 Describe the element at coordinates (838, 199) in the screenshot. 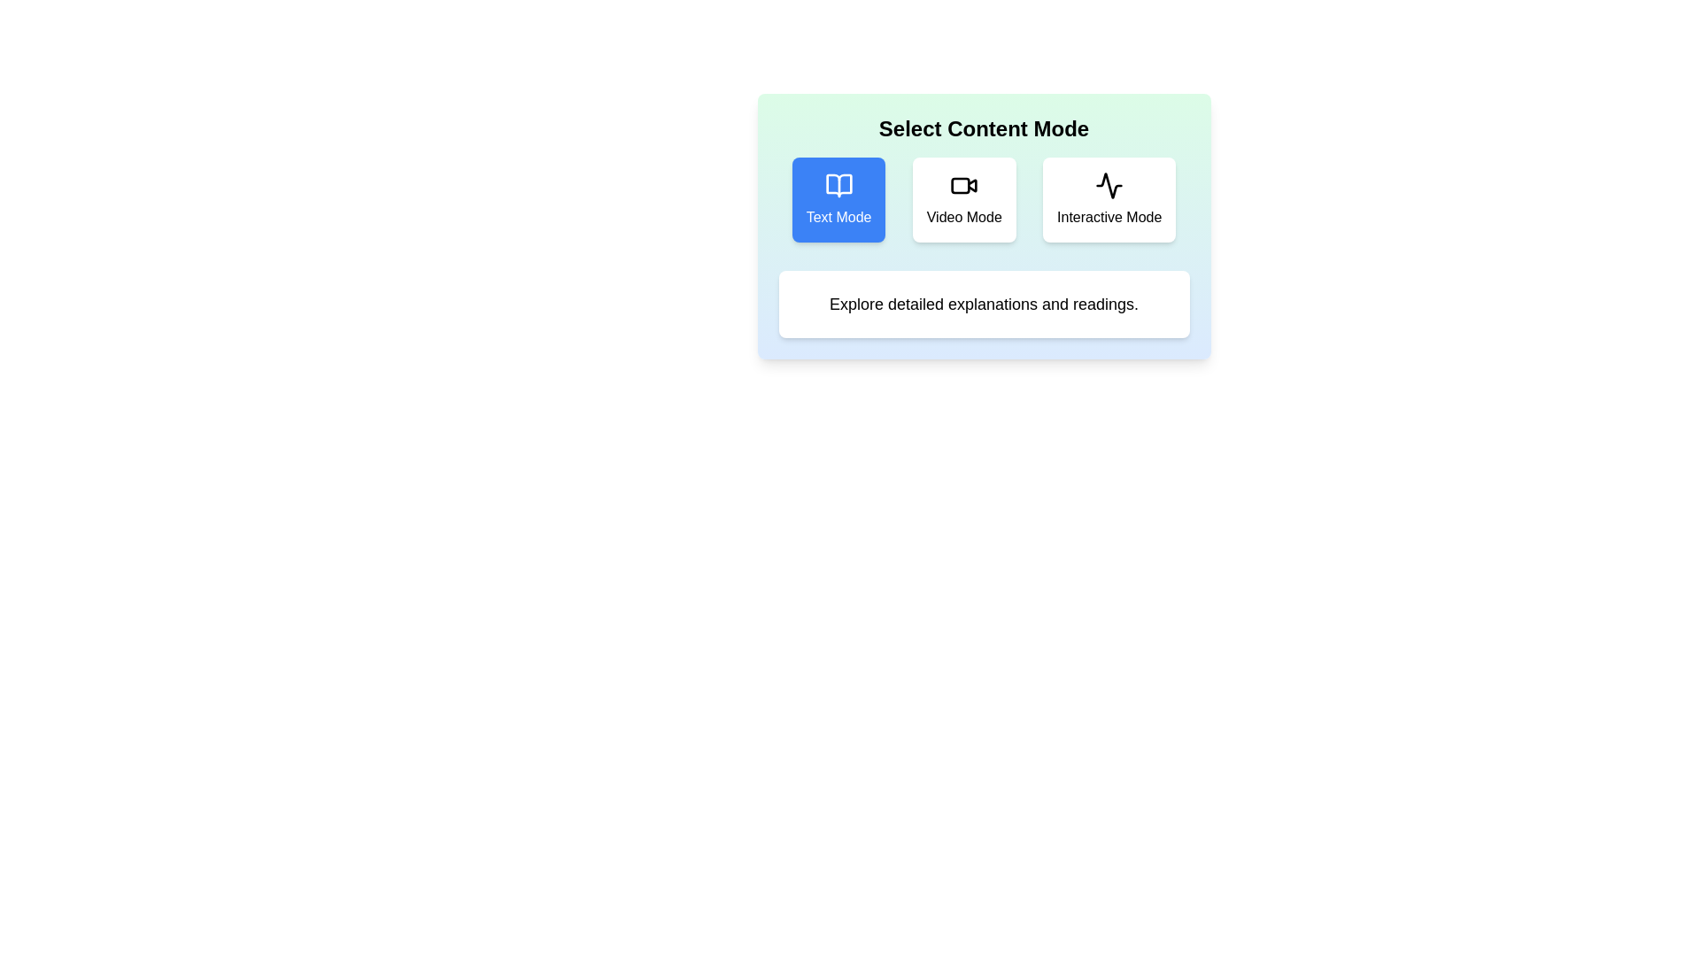

I see `the Text Mode button to see its hover effect` at that location.